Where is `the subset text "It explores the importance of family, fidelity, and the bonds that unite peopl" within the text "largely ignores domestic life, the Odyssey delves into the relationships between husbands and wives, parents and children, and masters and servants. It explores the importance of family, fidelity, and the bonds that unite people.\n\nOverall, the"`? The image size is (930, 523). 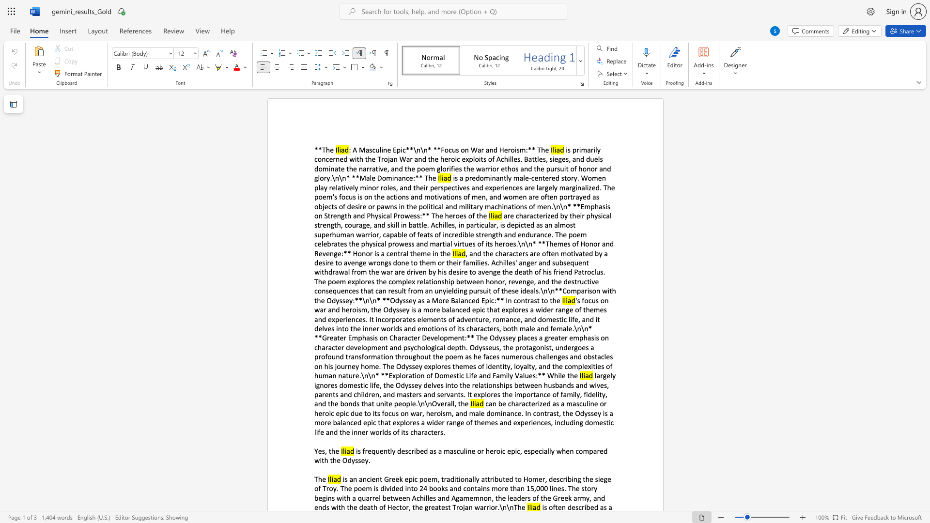
the subset text "It explores the importance of family, fidelity, and the bonds that unite peopl" within the text "largely ignores domestic life, the Odyssey delves into the relationships between husbands and wives, parents and children, and masters and servants. It explores the importance of family, fidelity, and the bonds that unite people.\n\nOverall, the" is located at coordinates (467, 394).